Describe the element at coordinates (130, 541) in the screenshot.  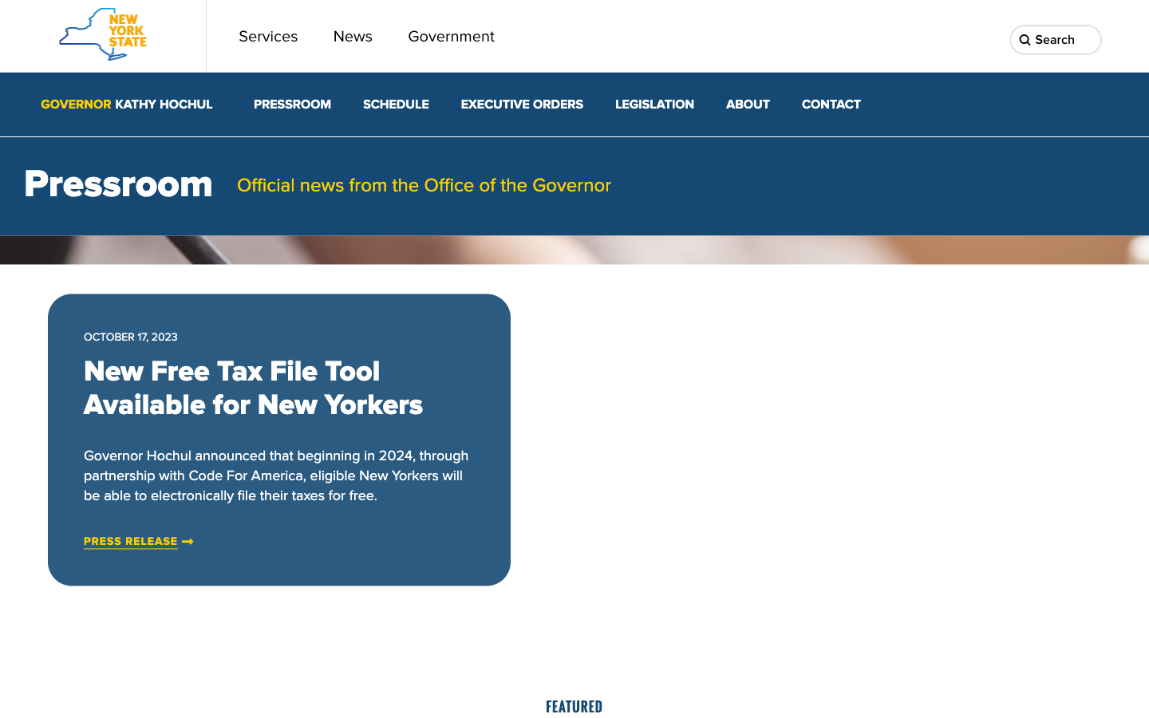
I see `the news section and open the announcement about the new tax file tool` at that location.